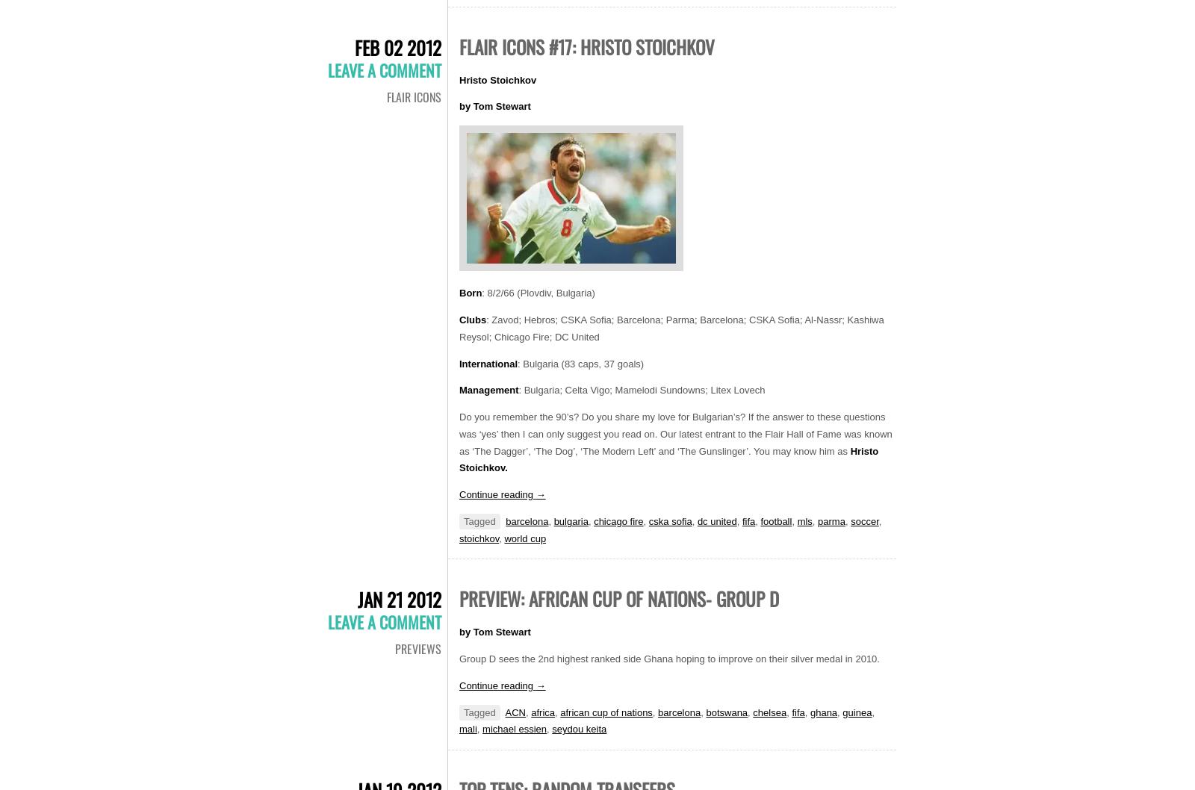 The image size is (1195, 790). I want to click on 'world cup', so click(525, 538).